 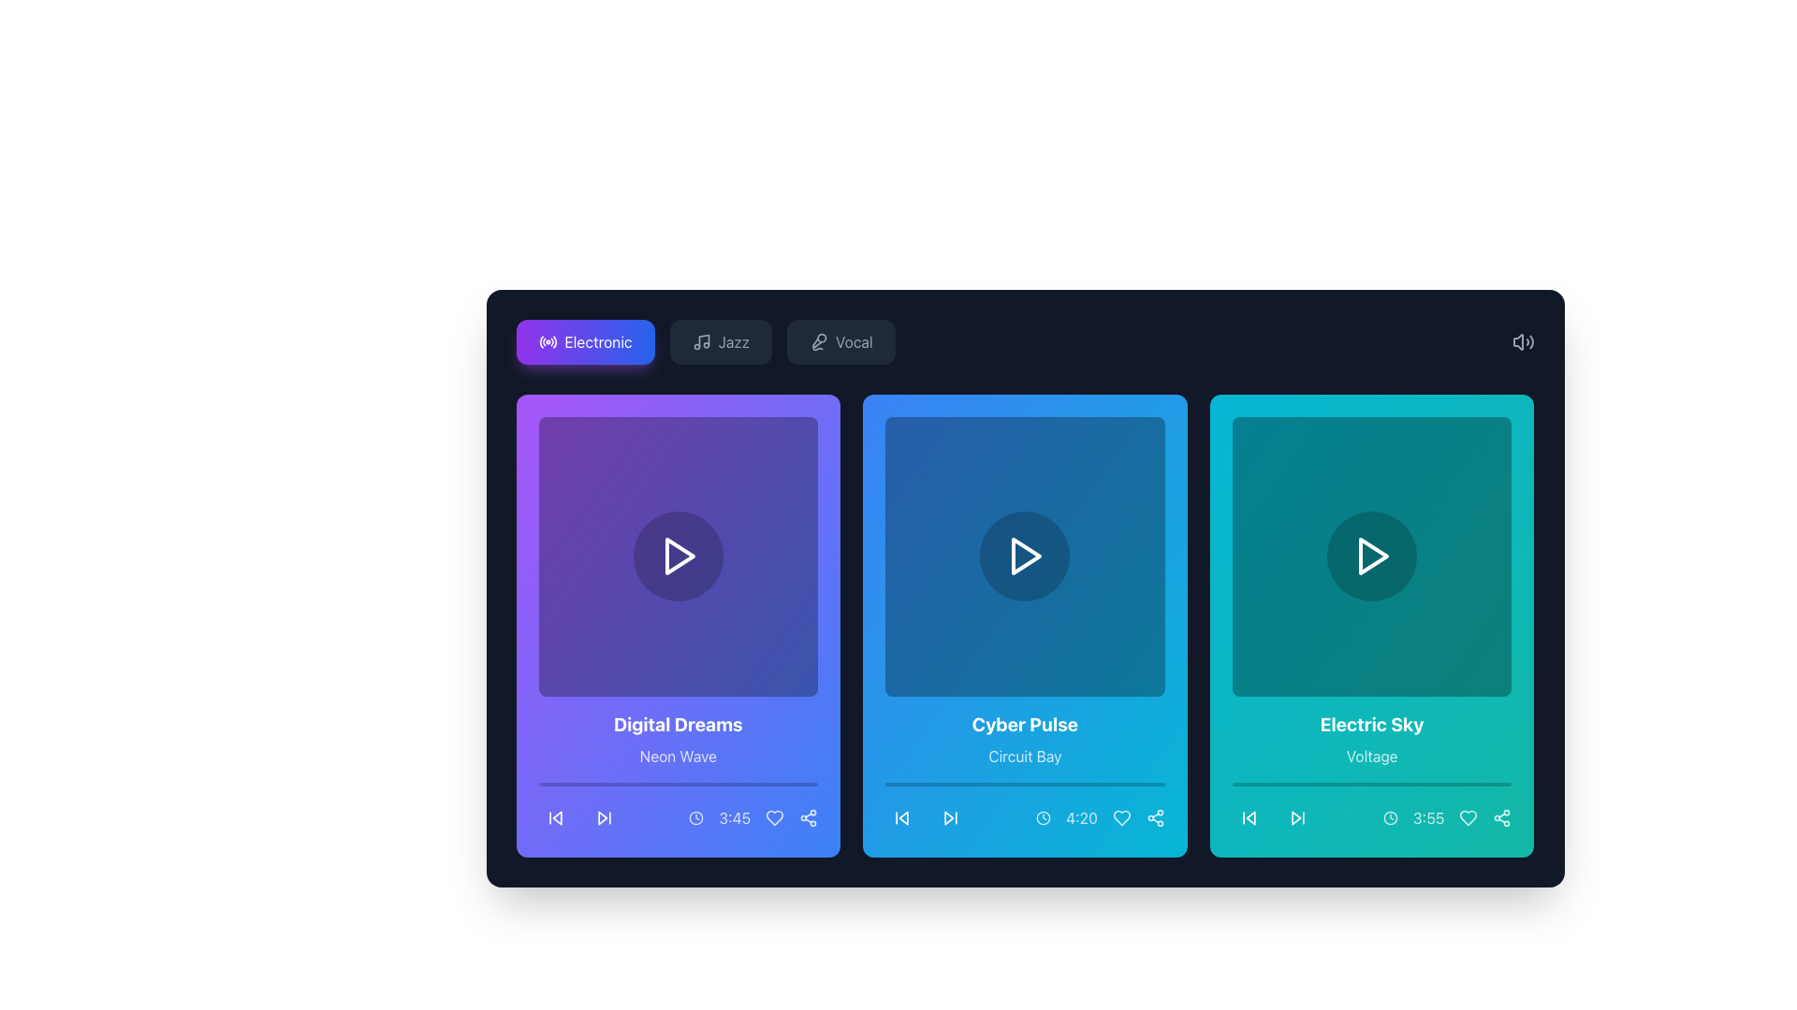 I want to click on the time duration indicated by the Time indicator element located at the bottom of the 'Electric Sky' card, positioned to the left of the heart-shaped 'like' icon, so click(x=1446, y=816).